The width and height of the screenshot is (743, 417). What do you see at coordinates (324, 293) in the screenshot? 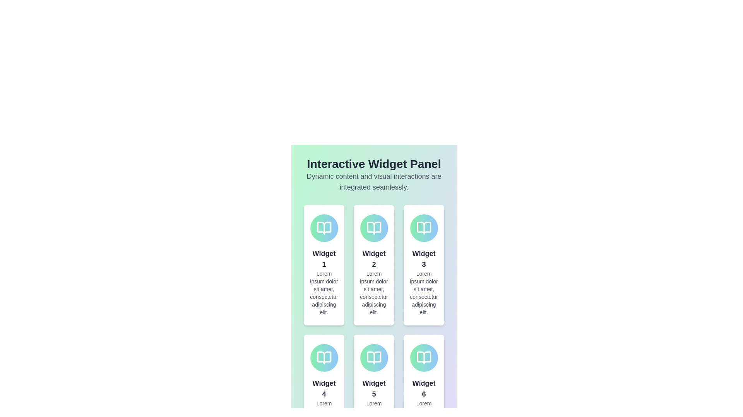
I see `text content of the descriptive text block located beneath the bold title text 'Widget 1' in the interface` at bounding box center [324, 293].